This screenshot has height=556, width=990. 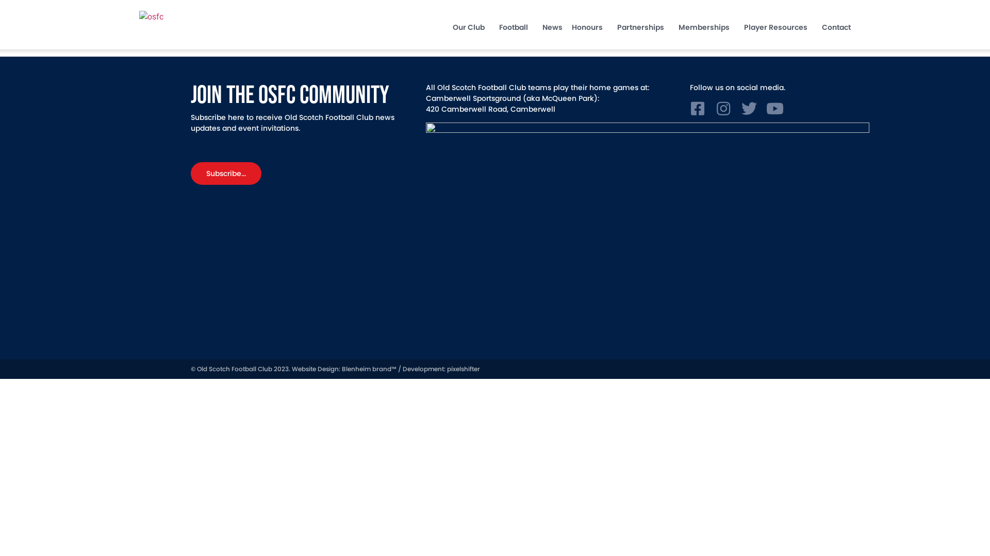 I want to click on 'Player Resources', so click(x=778, y=27).